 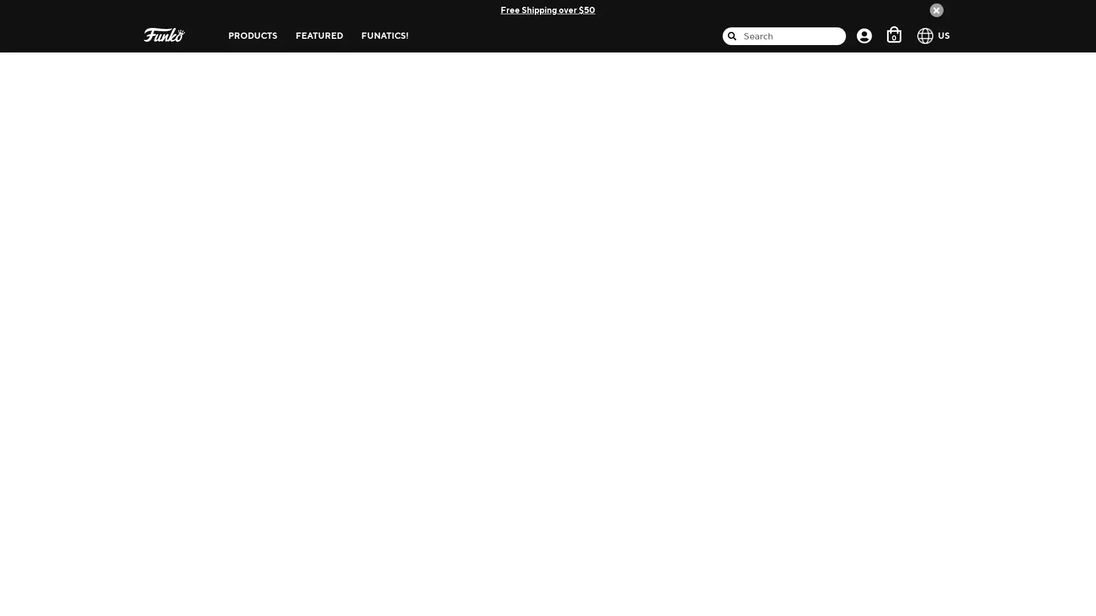 What do you see at coordinates (417, 19) in the screenshot?
I see `FUNATICS! SUBMENU` at bounding box center [417, 19].